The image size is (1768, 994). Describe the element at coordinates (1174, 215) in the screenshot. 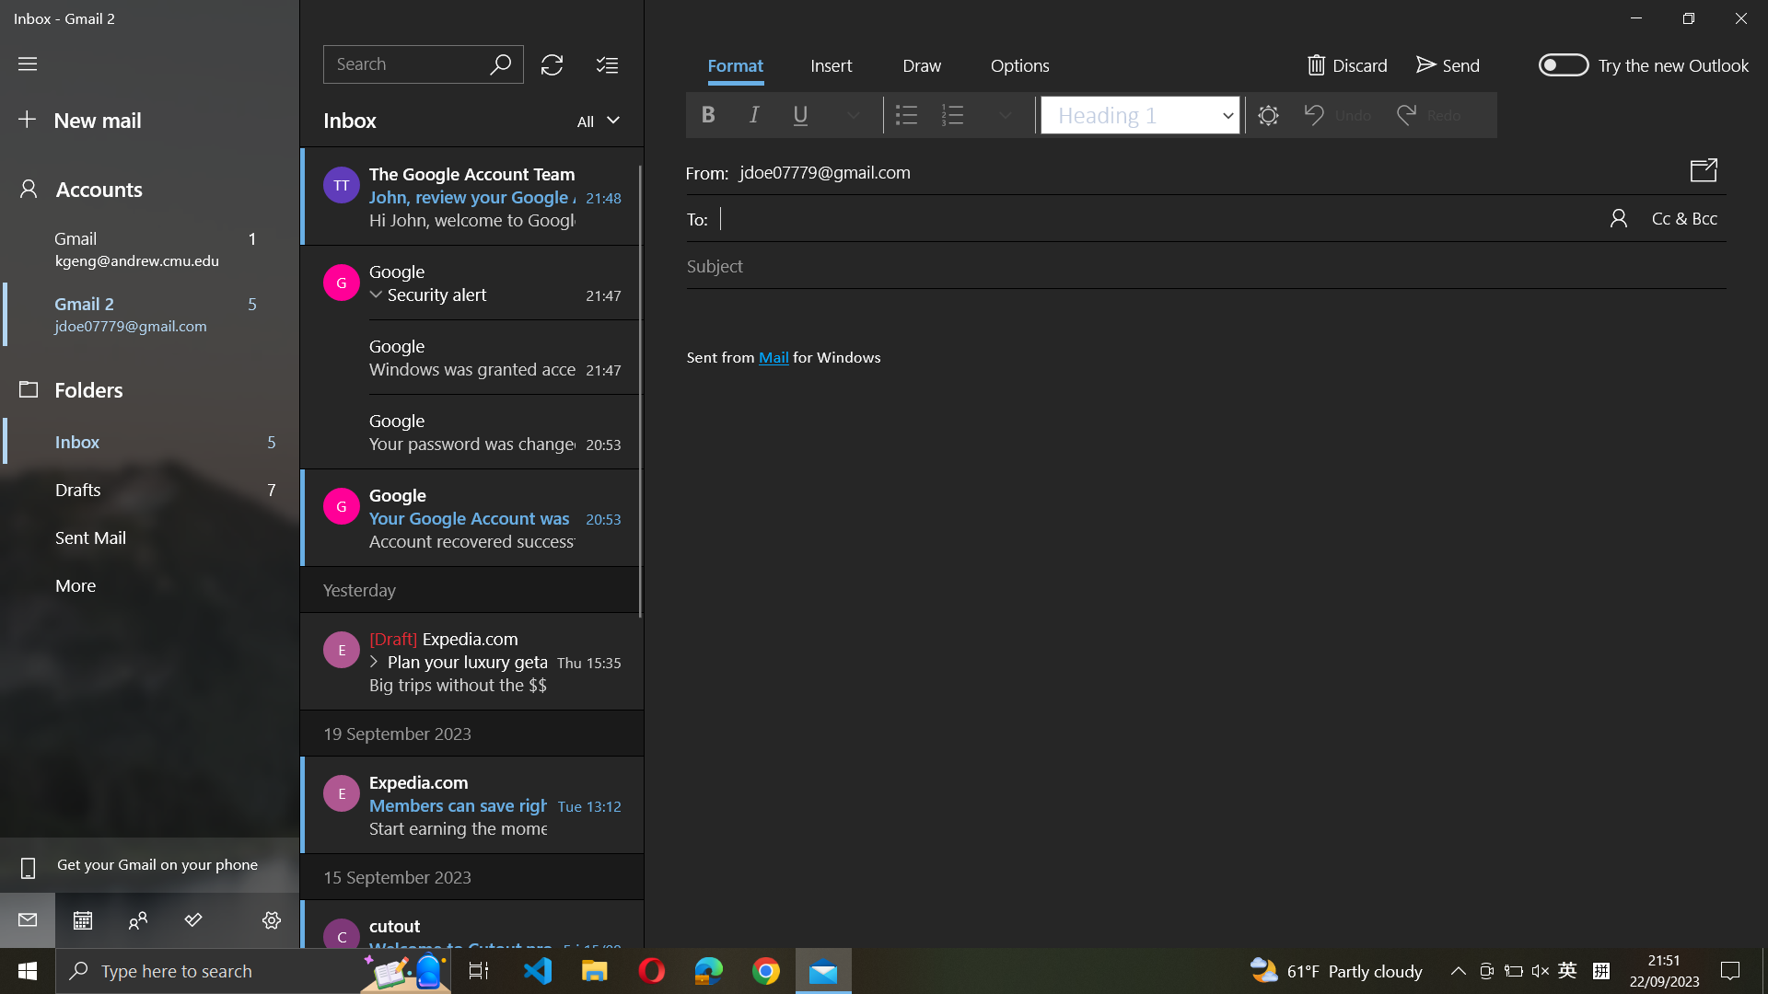

I see `Enter "xyz@gmail.com" in the recipient field` at that location.